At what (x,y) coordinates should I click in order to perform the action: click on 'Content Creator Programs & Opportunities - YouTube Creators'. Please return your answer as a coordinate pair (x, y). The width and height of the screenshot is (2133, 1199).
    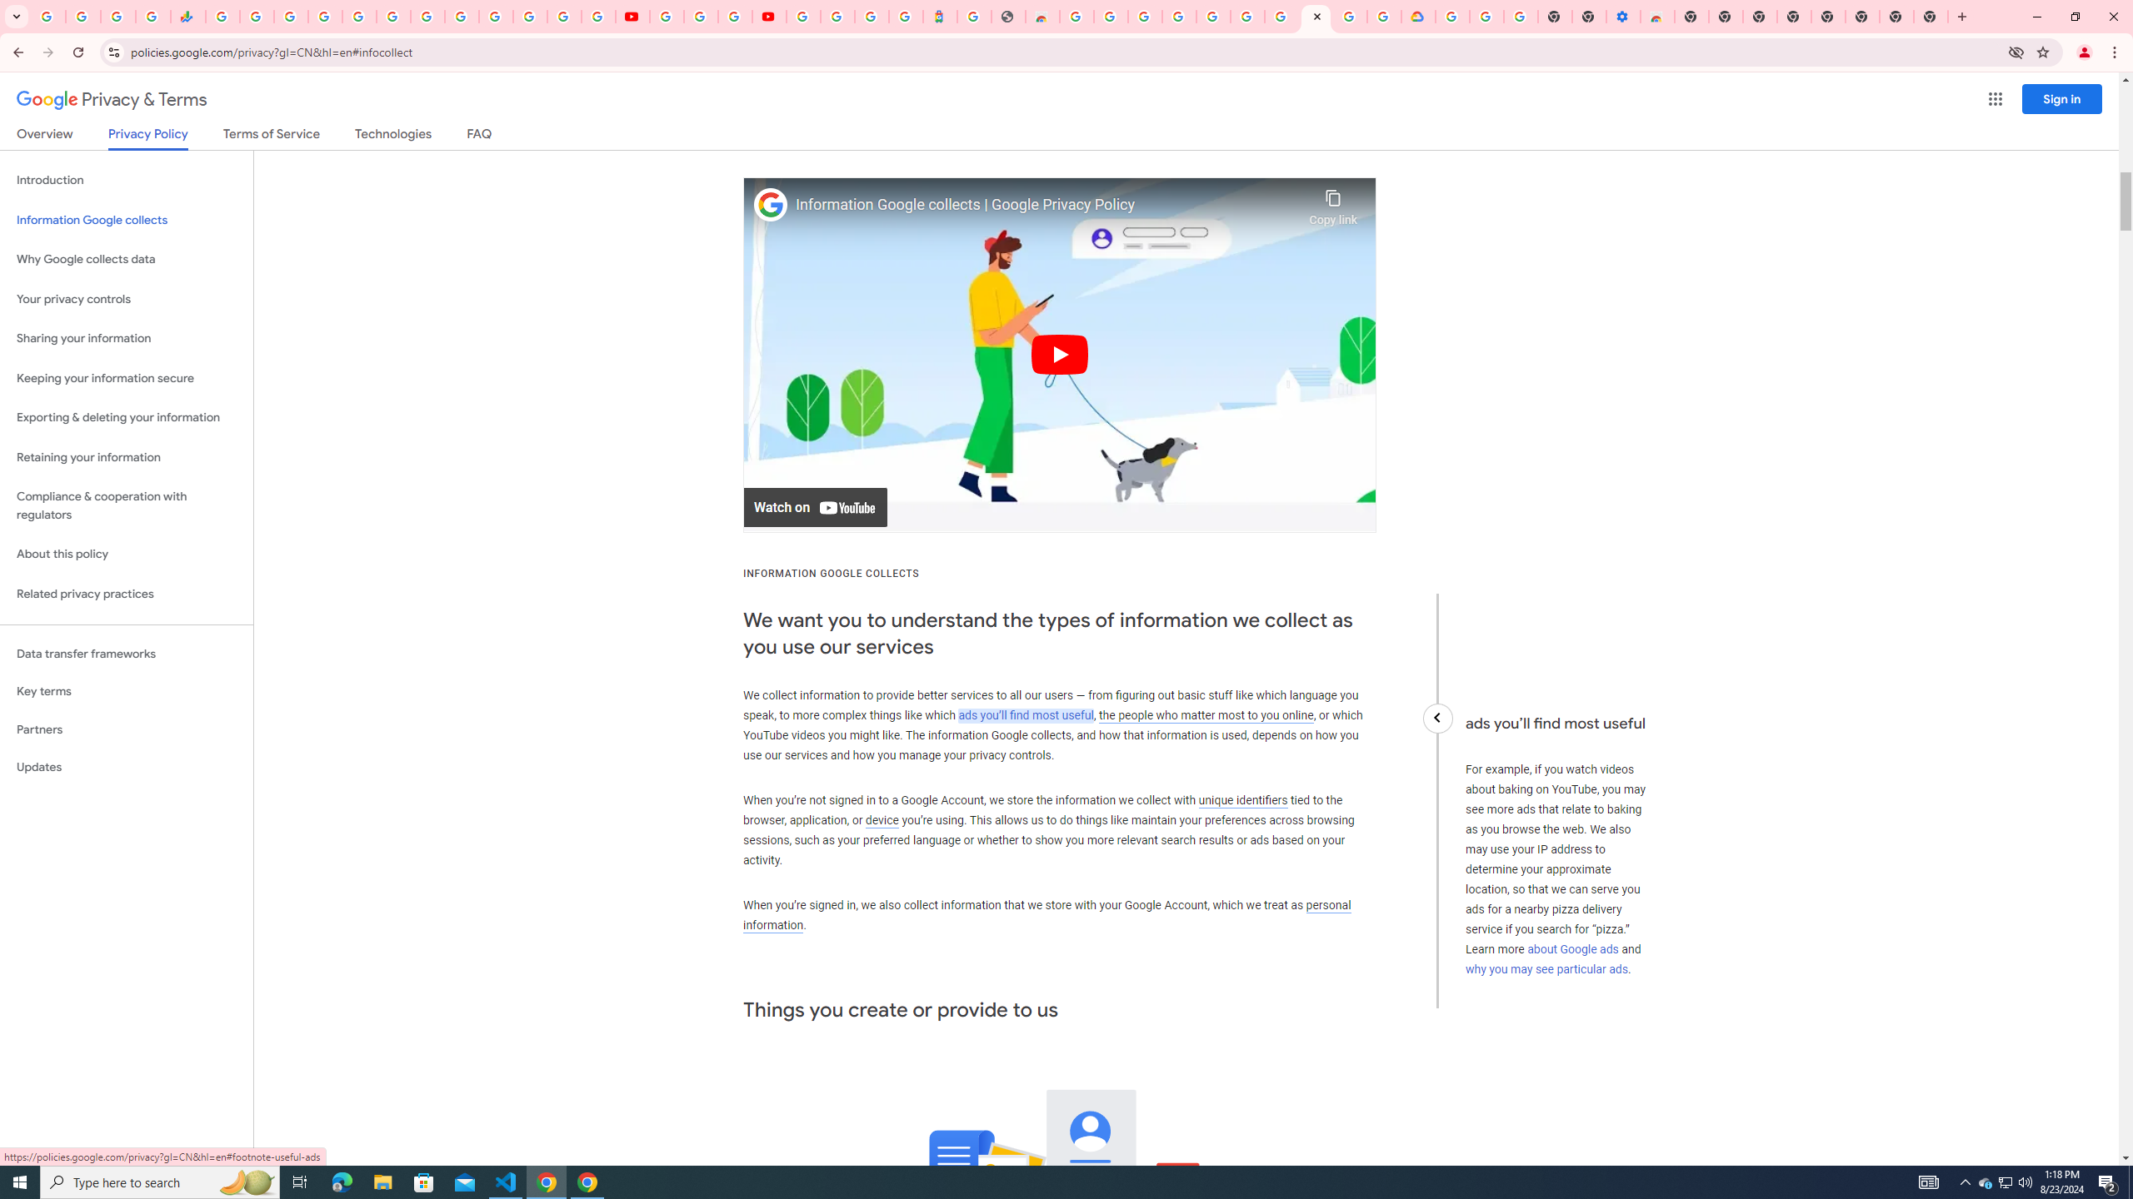
    Looking at the image, I should click on (767, 16).